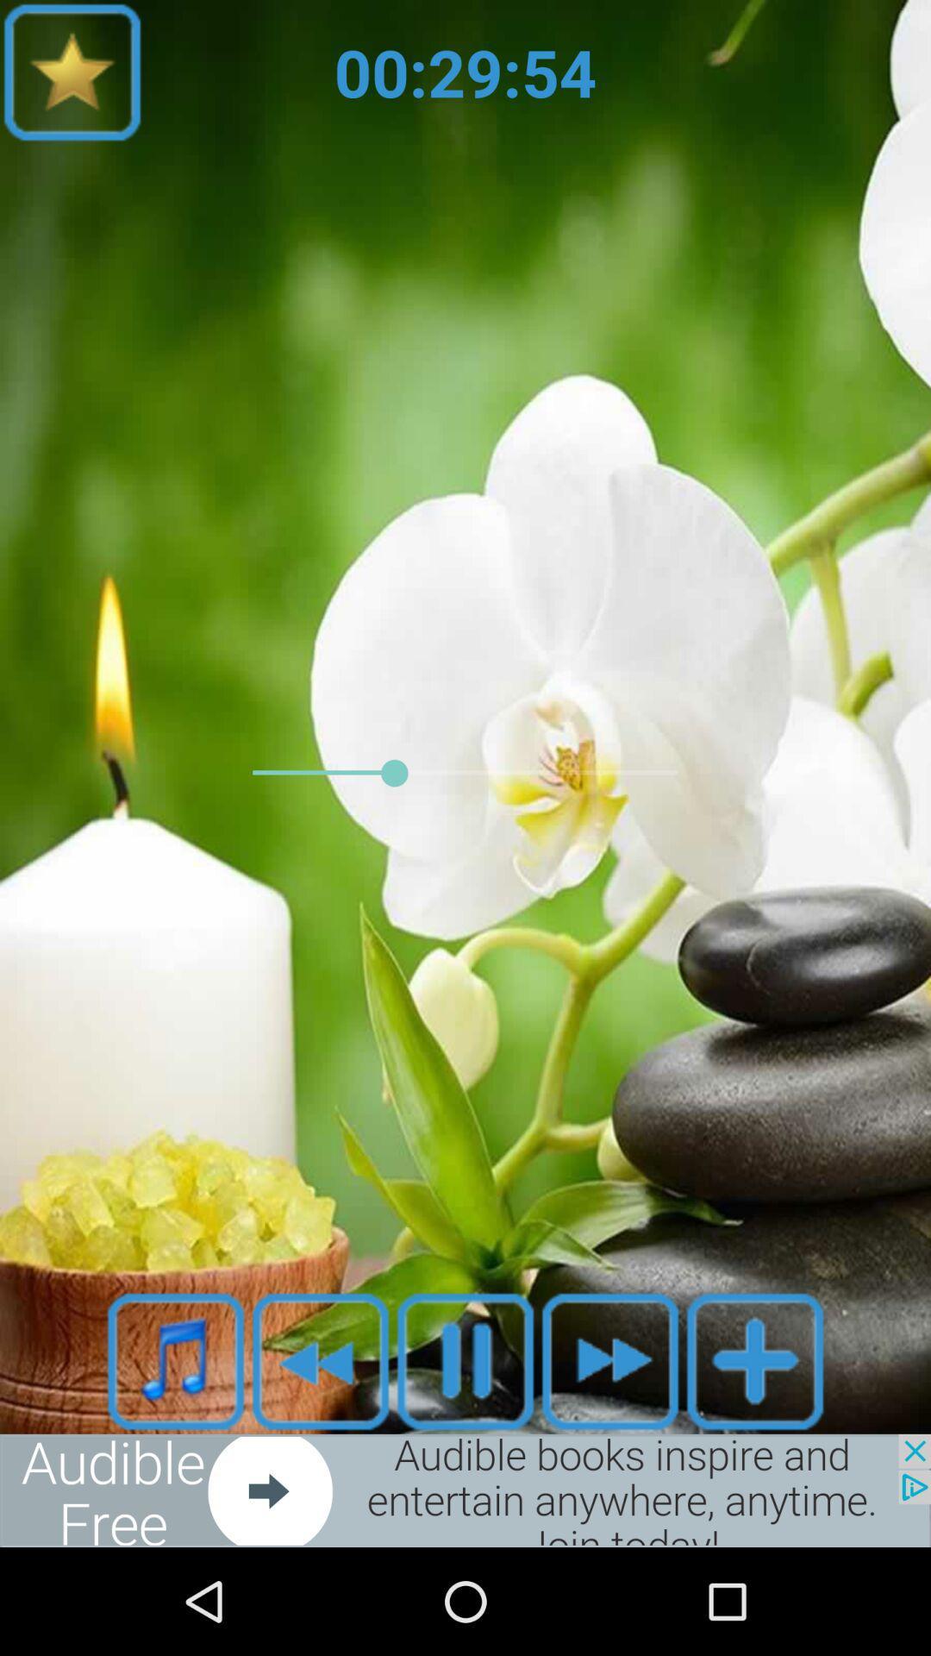 The image size is (931, 1656). Describe the element at coordinates (465, 1360) in the screenshot. I see `pause music` at that location.